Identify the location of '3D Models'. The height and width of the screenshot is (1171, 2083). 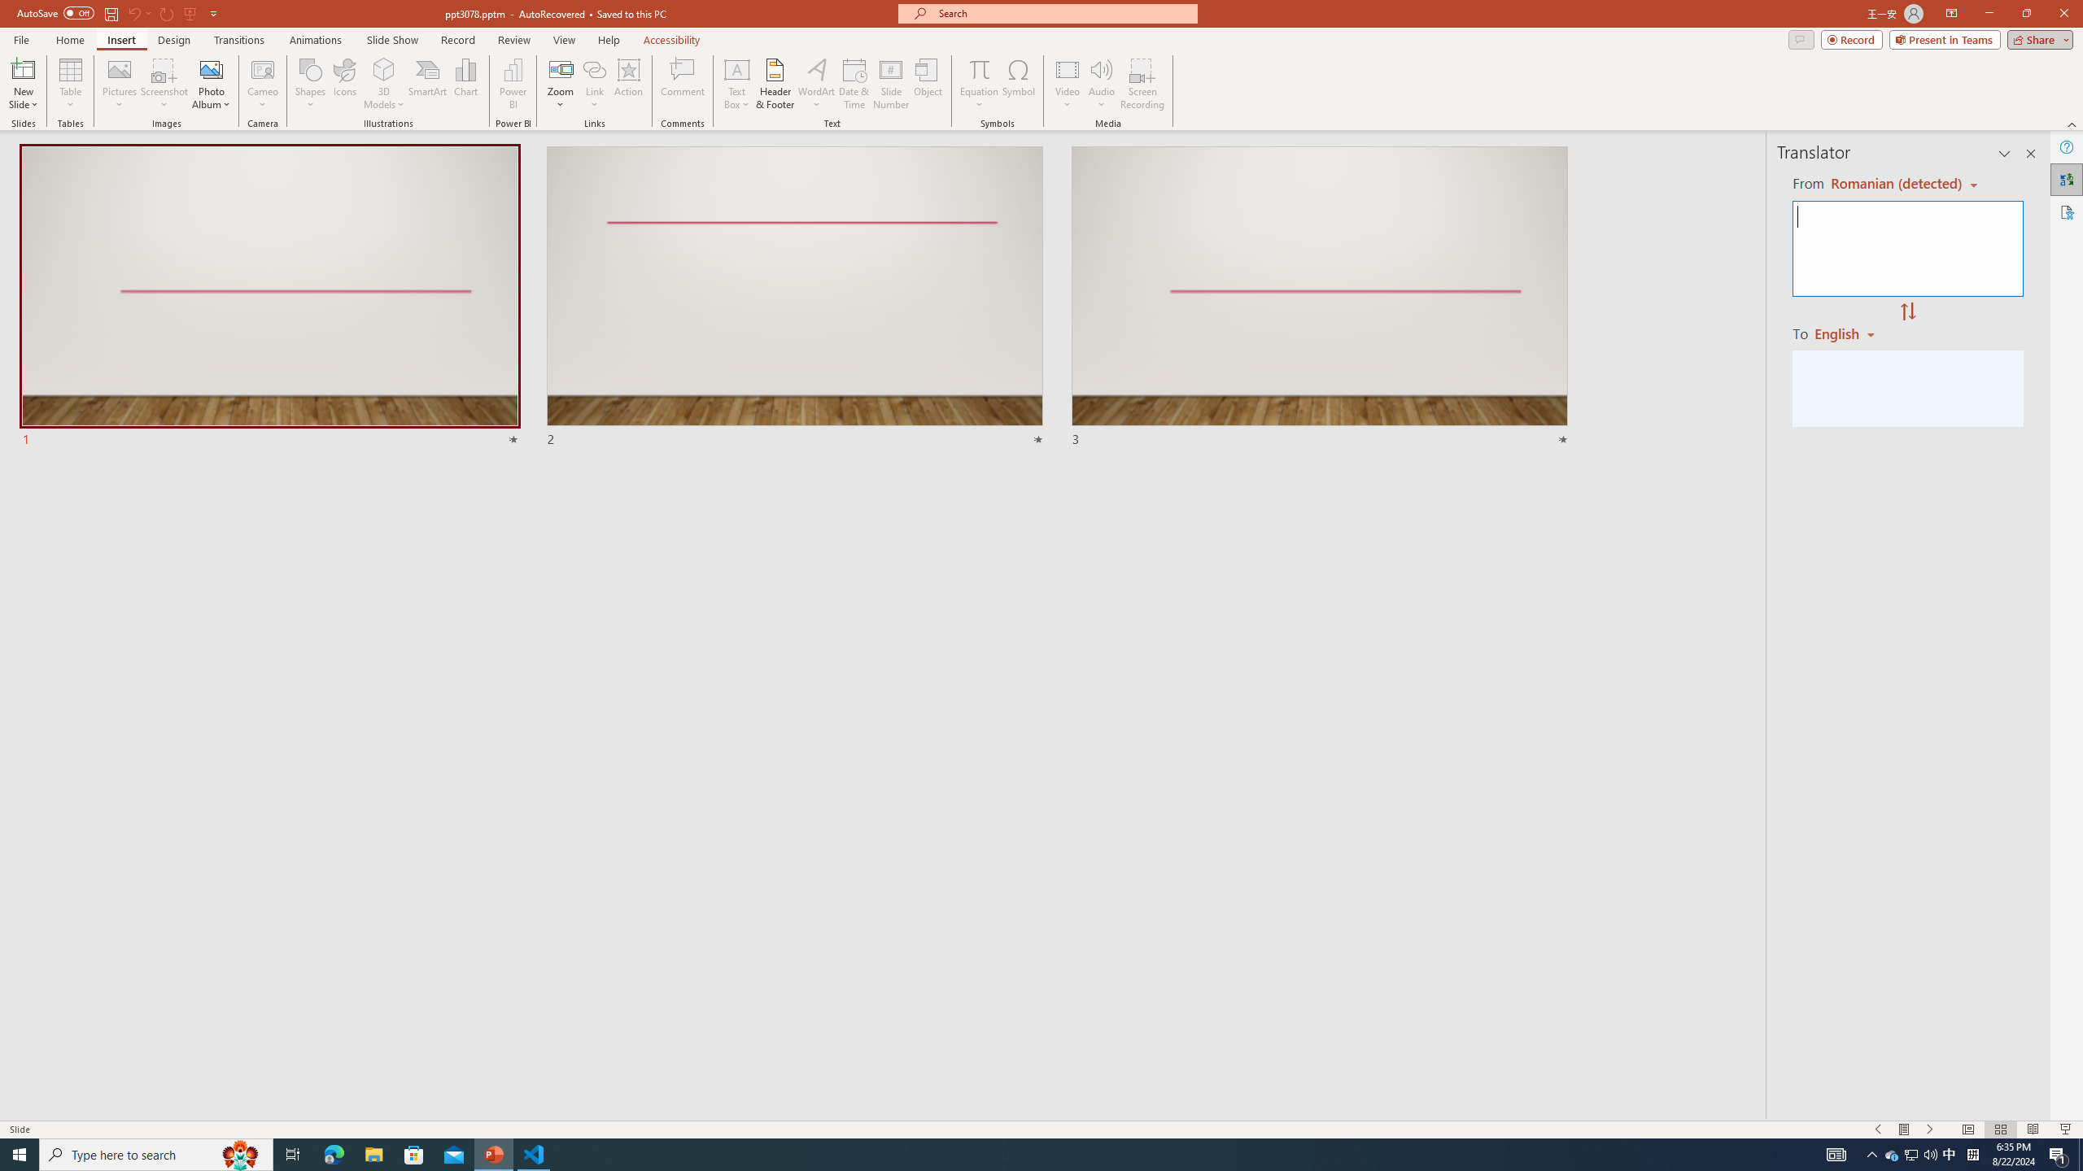
(384, 84).